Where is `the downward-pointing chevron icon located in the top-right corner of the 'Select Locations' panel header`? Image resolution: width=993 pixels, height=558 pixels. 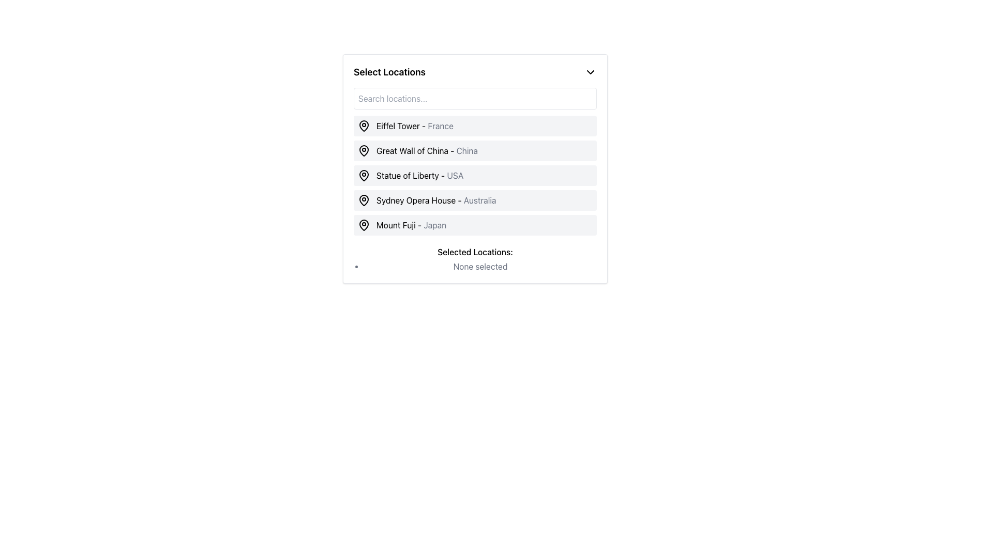 the downward-pointing chevron icon located in the top-right corner of the 'Select Locations' panel header is located at coordinates (591, 71).